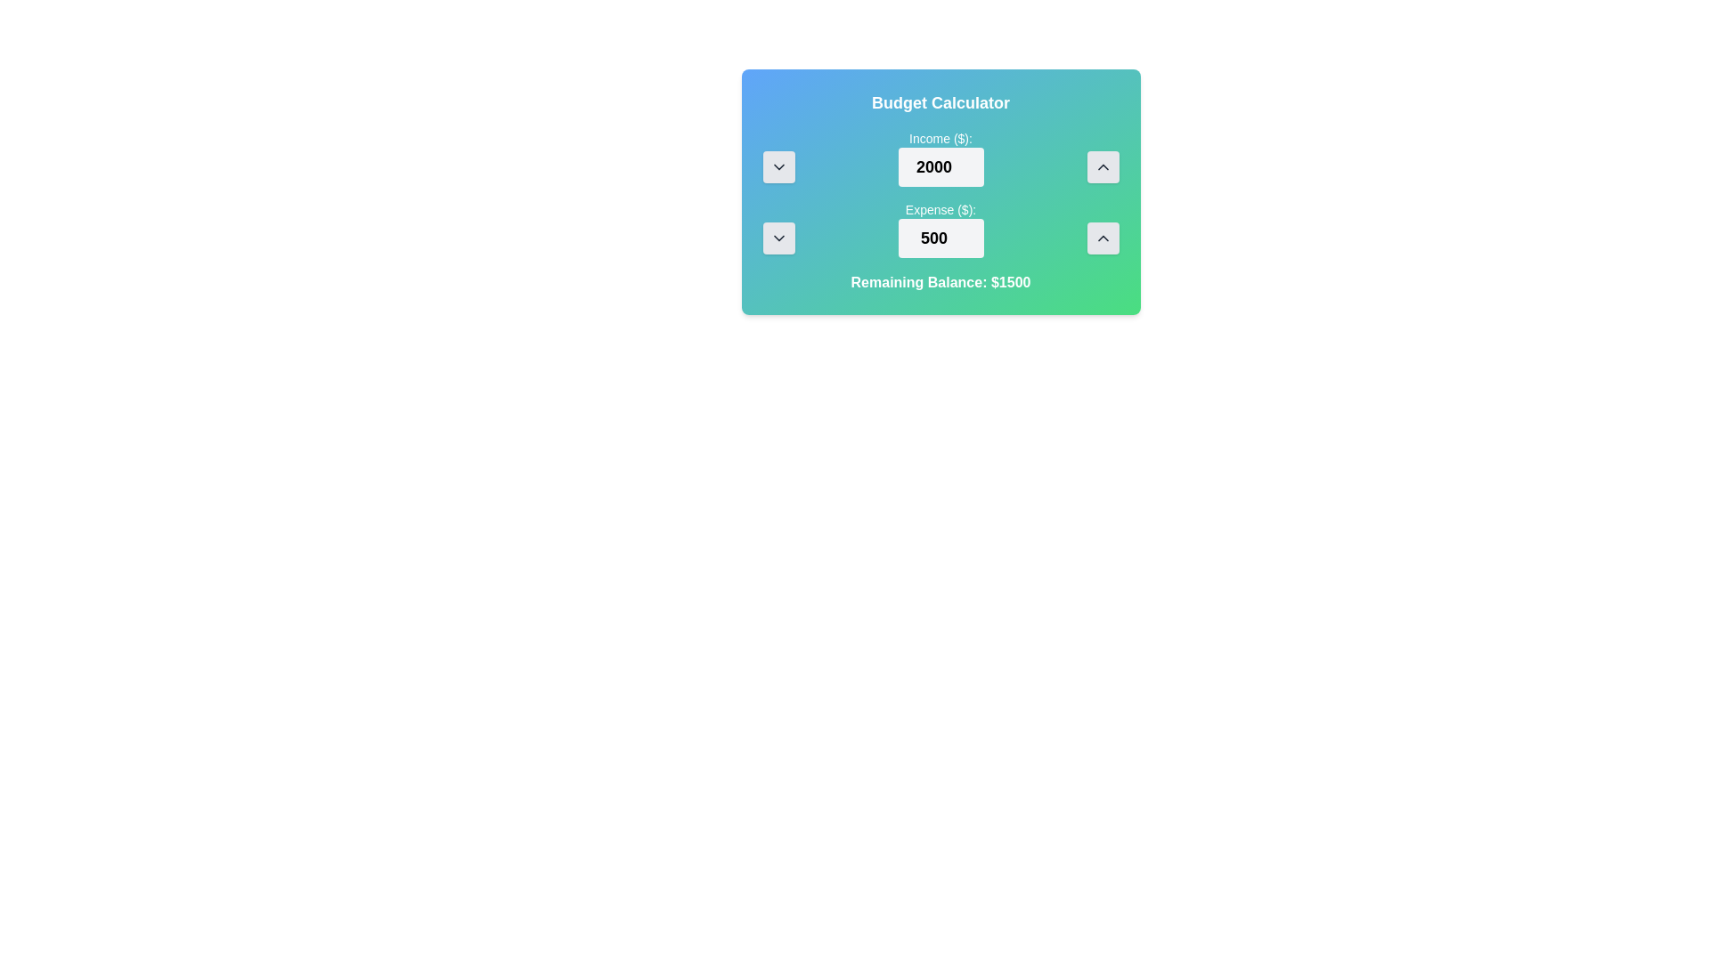 The height and width of the screenshot is (961, 1710). What do you see at coordinates (1102, 167) in the screenshot?
I see `the upward-pointing arrow button in the top-right region of the 'Budget Calculator' interface to increment the value` at bounding box center [1102, 167].